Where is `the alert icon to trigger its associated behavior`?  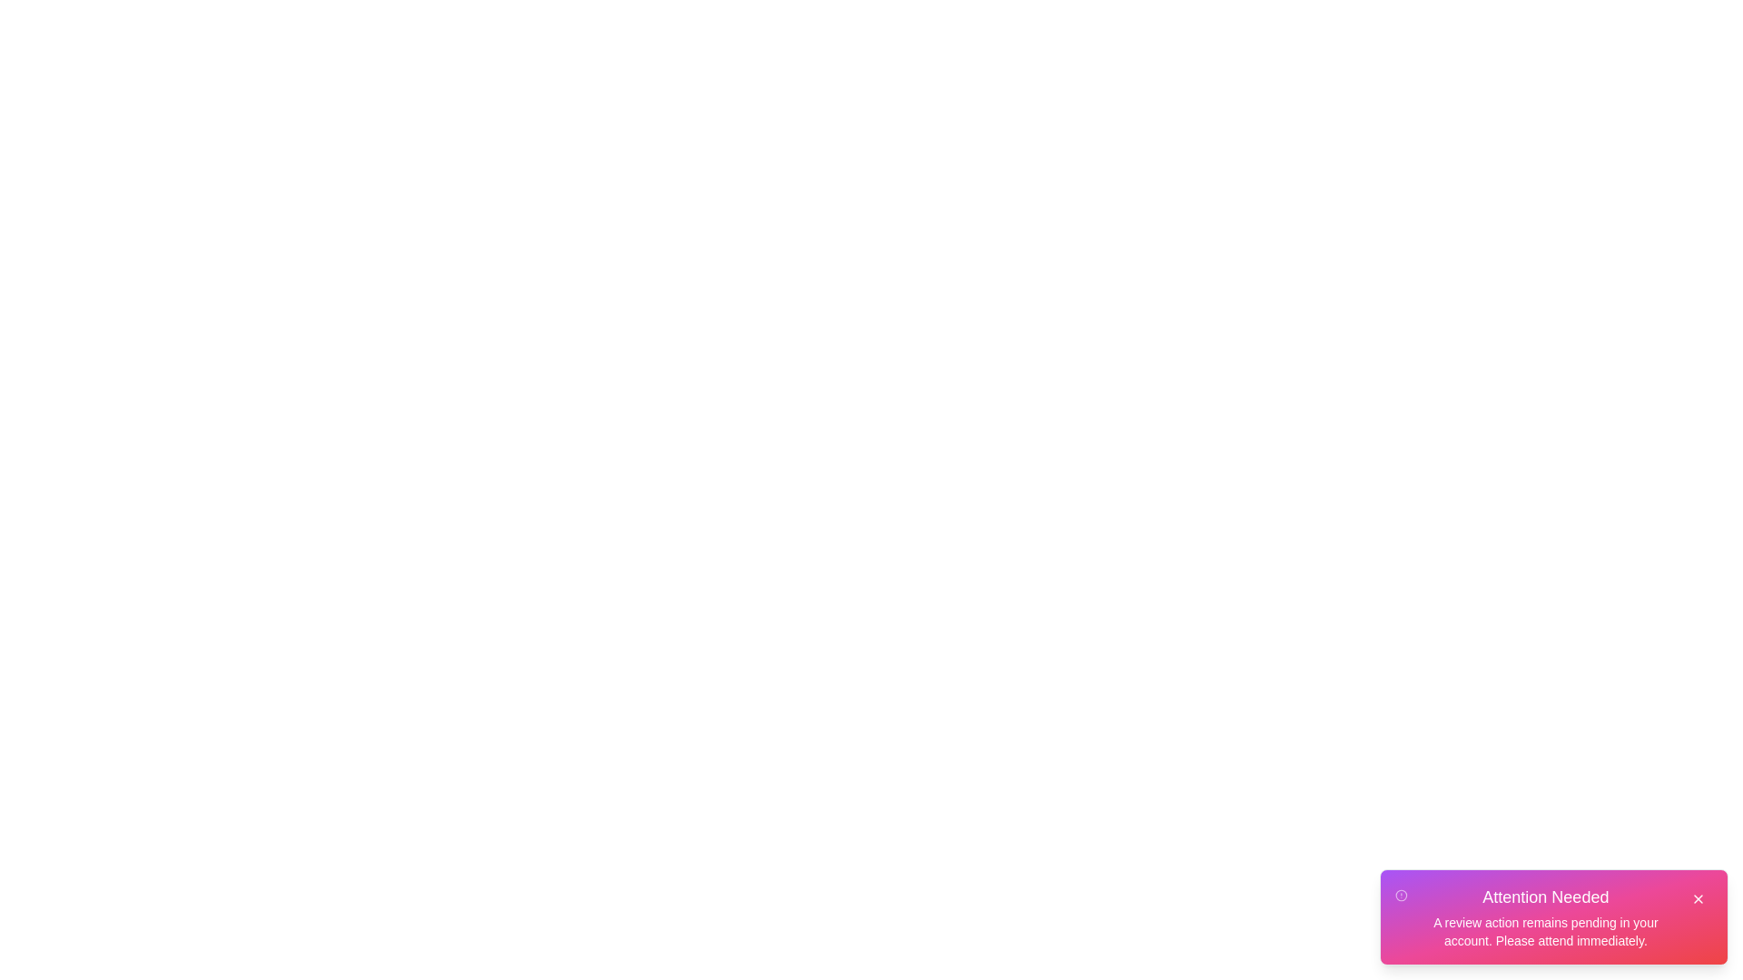 the alert icon to trigger its associated behavior is located at coordinates (1400, 895).